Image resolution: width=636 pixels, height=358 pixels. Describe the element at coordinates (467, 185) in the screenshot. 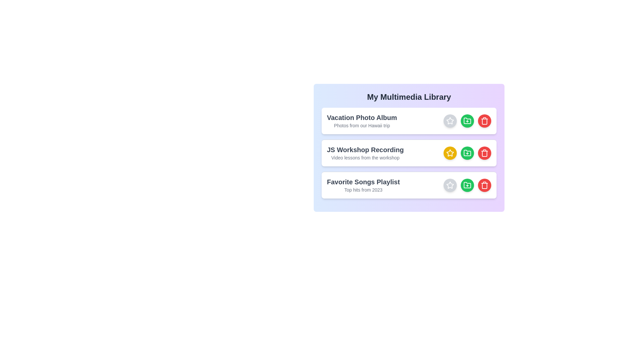

I see `the Action icon located to the right of the 'Favorite Songs Playlist' row` at that location.